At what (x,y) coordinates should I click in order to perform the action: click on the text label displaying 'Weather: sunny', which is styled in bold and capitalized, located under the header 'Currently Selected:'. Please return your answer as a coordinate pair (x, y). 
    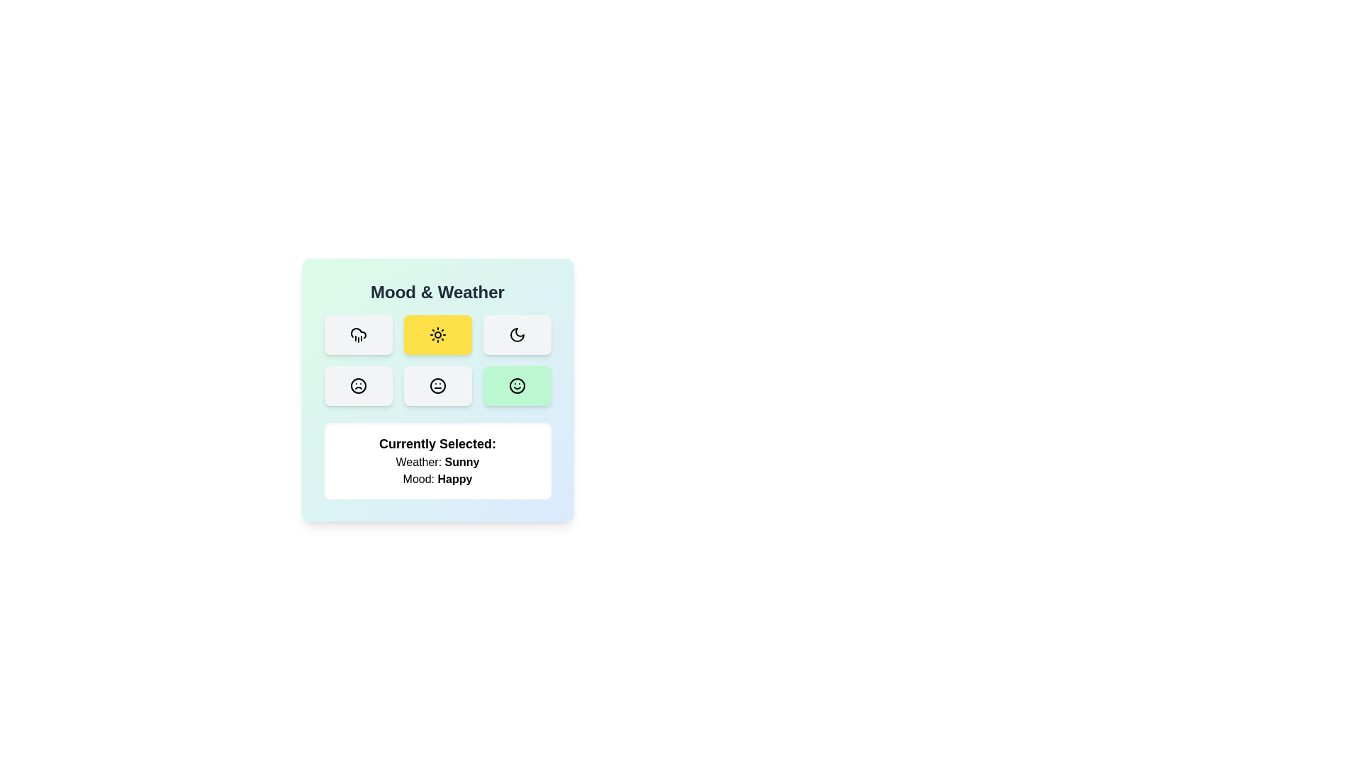
    Looking at the image, I should click on (437, 462).